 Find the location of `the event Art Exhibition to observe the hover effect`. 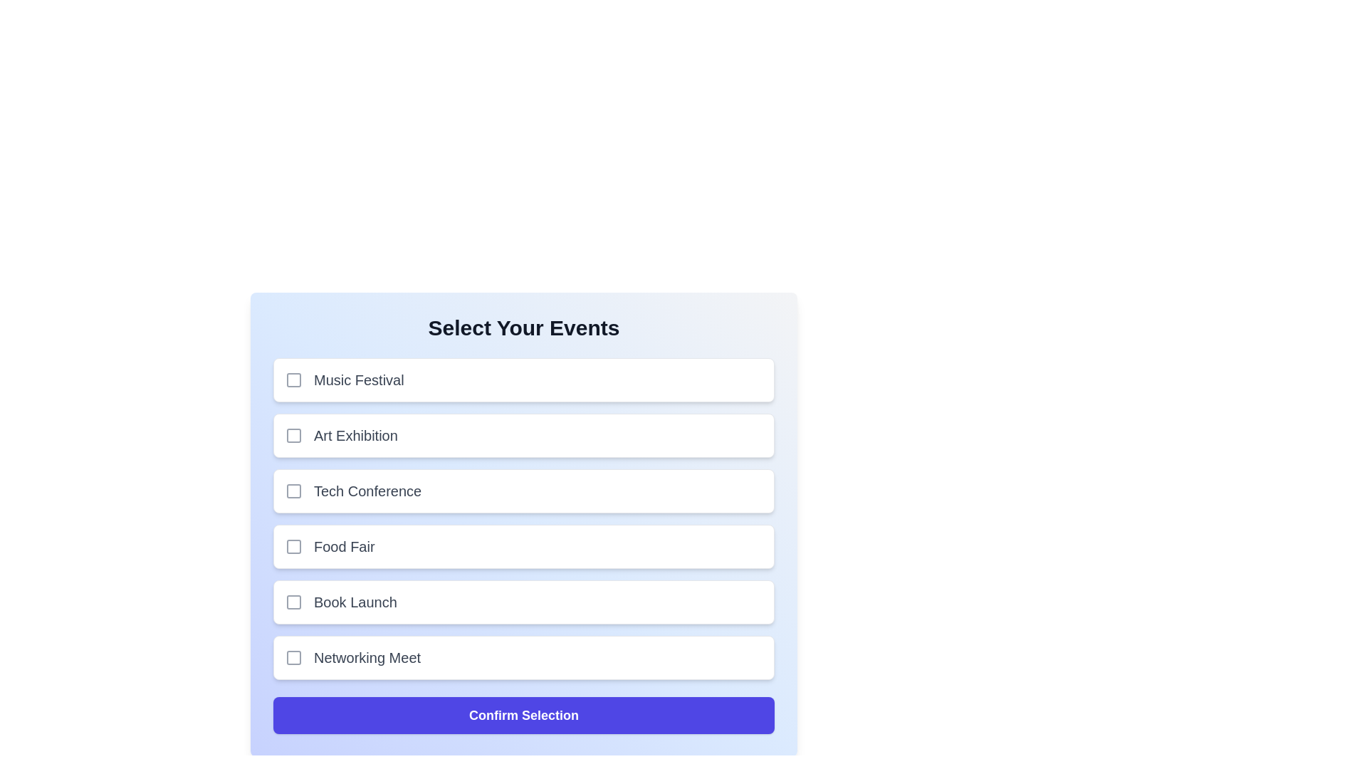

the event Art Exhibition to observe the hover effect is located at coordinates (523, 435).